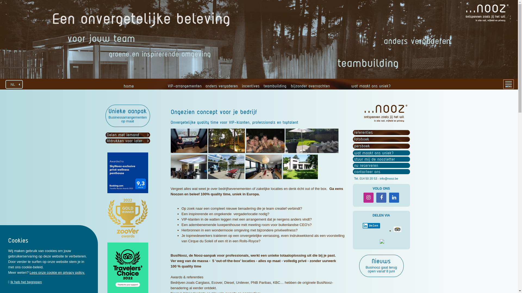 The image size is (522, 293). I want to click on 'Facebook', so click(381, 198).